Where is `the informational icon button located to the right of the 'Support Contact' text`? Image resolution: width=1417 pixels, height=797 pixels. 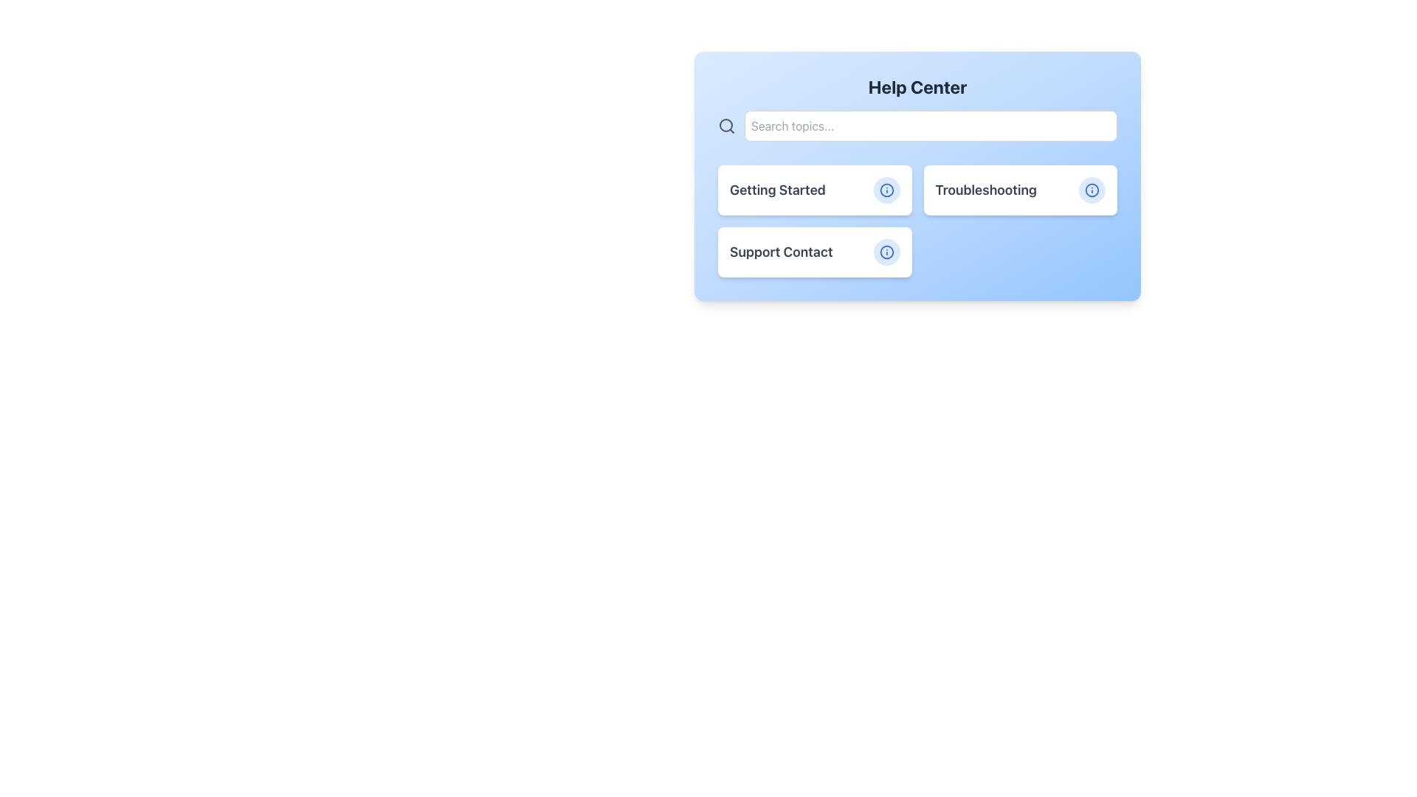
the informational icon button located to the right of the 'Support Contact' text is located at coordinates (886, 252).